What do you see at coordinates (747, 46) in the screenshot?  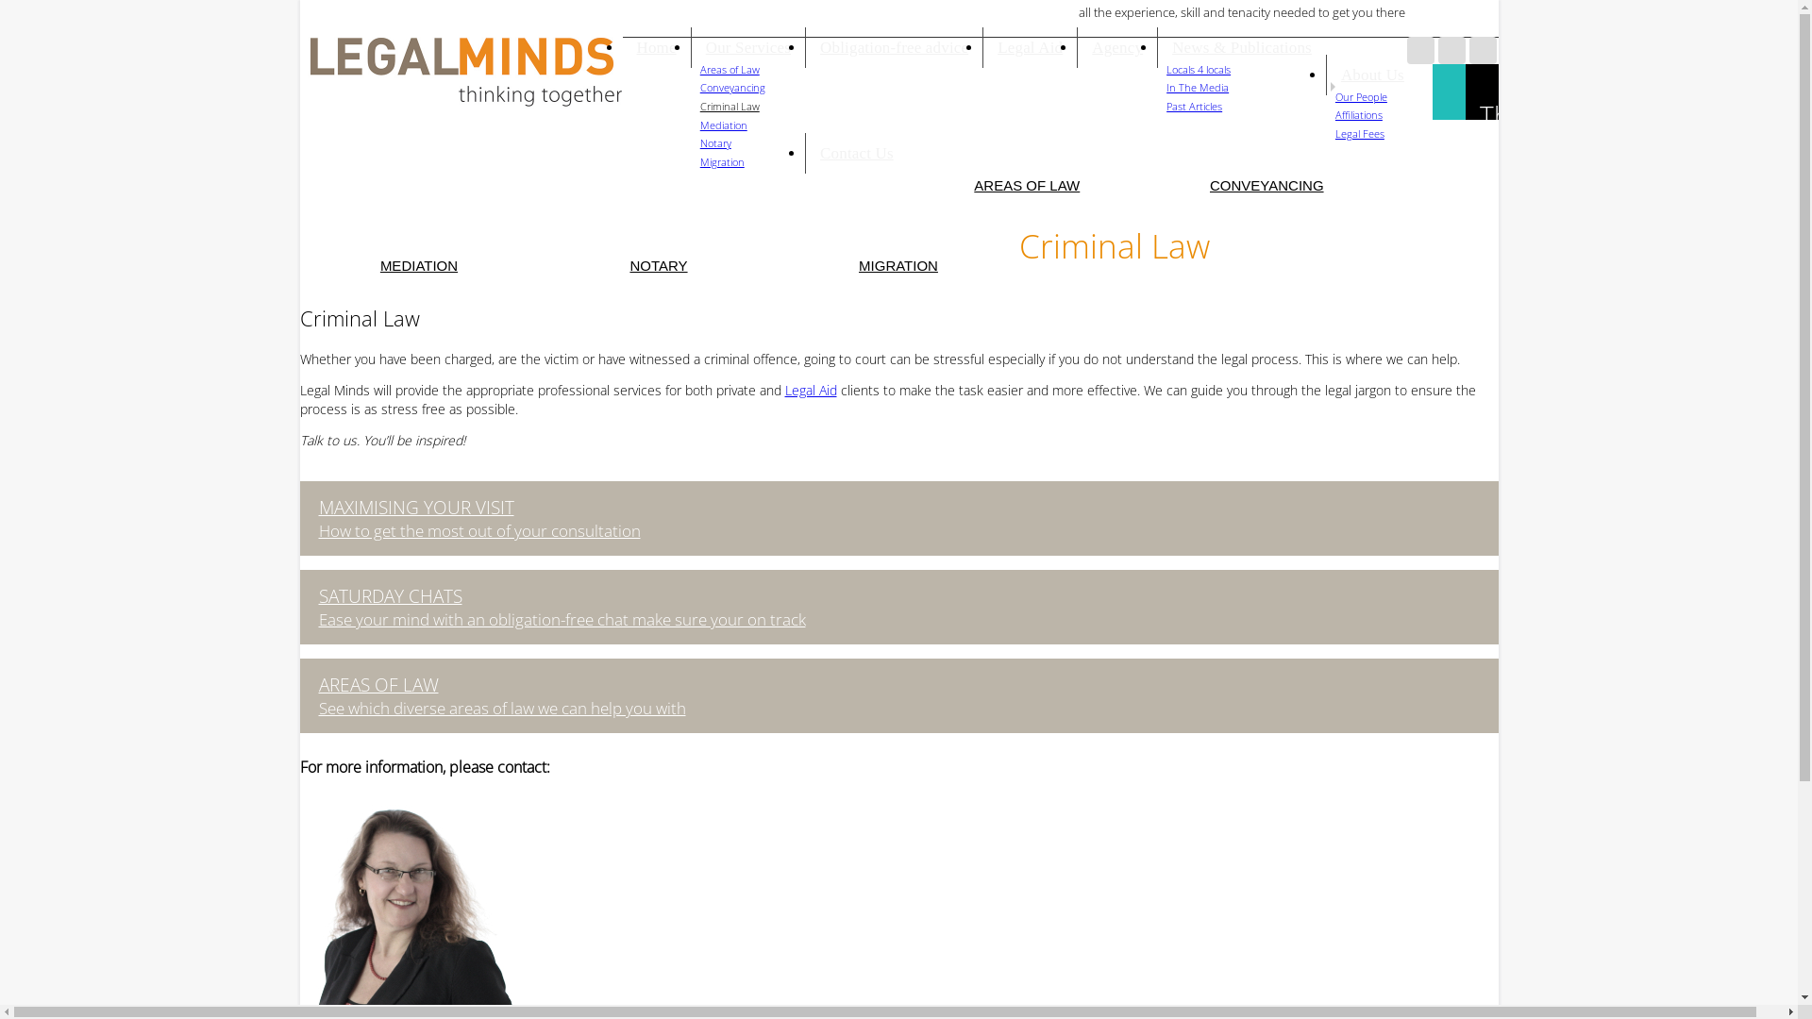 I see `'Our Services'` at bounding box center [747, 46].